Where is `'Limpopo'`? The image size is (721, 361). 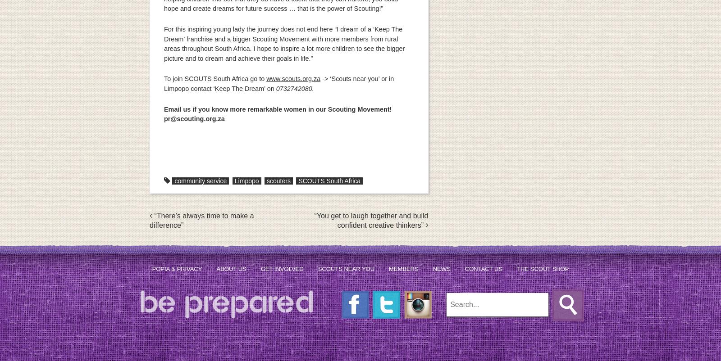
'Limpopo' is located at coordinates (246, 180).